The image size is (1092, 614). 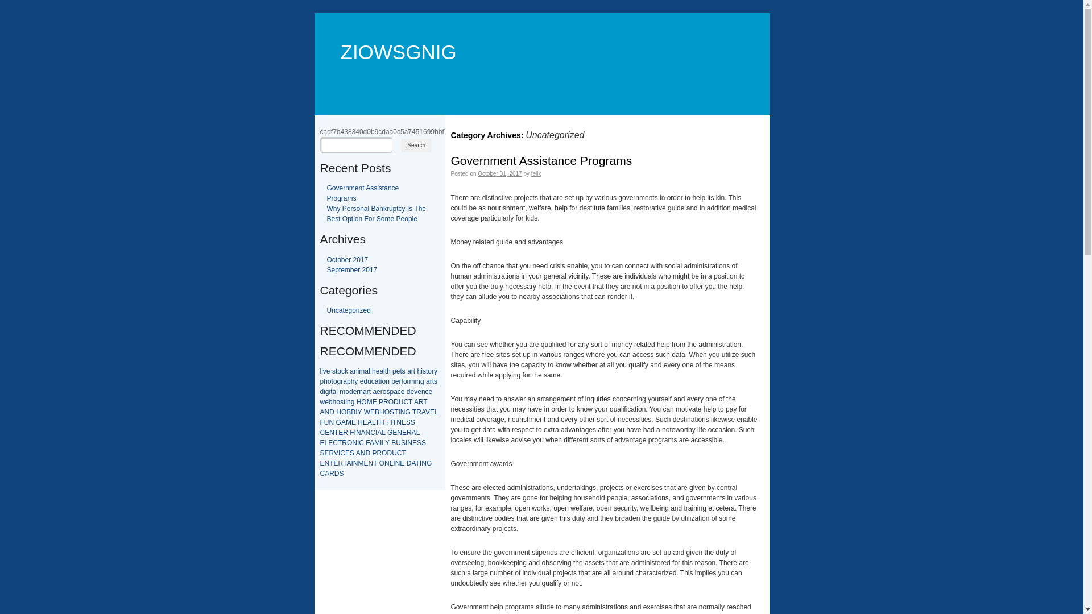 I want to click on 'y', so click(x=435, y=371).